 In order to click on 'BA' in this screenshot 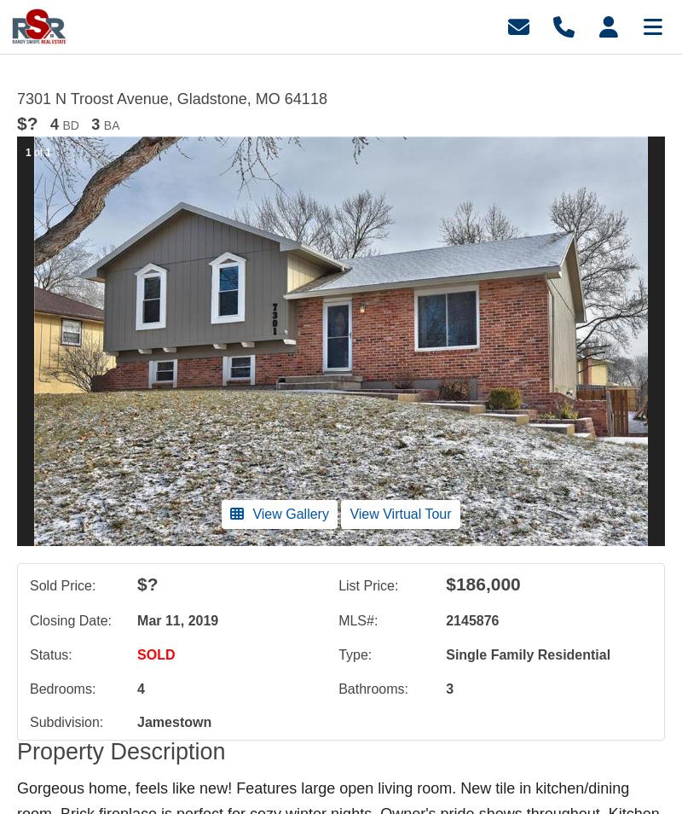, I will do `click(110, 125)`.